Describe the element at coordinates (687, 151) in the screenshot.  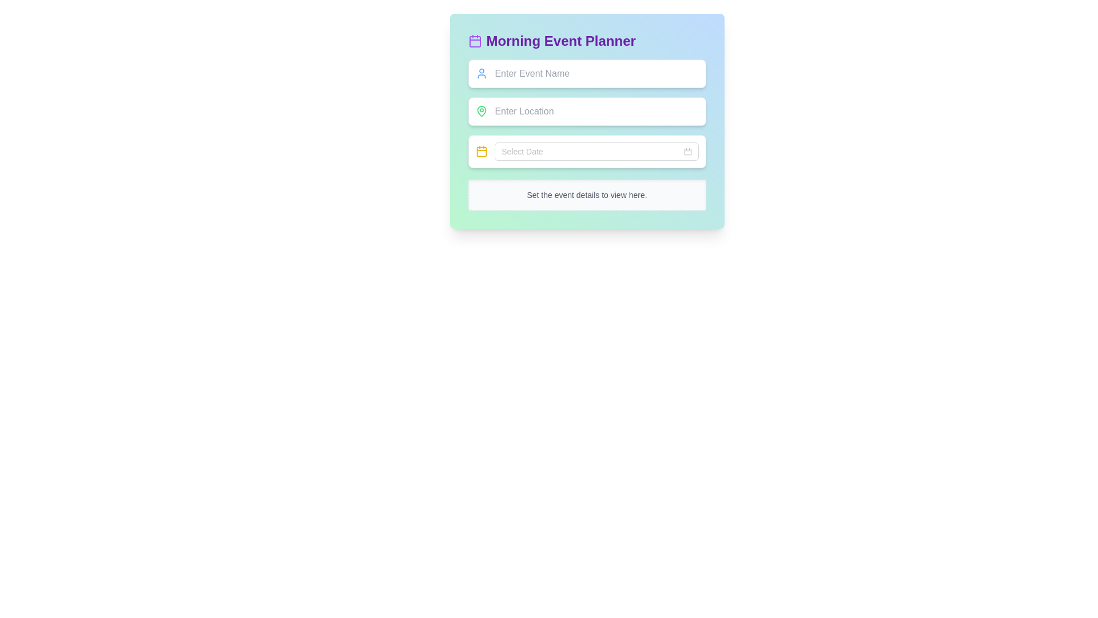
I see `the red Calendar icon located on the far right side of the 'Select Date' input field` at that location.